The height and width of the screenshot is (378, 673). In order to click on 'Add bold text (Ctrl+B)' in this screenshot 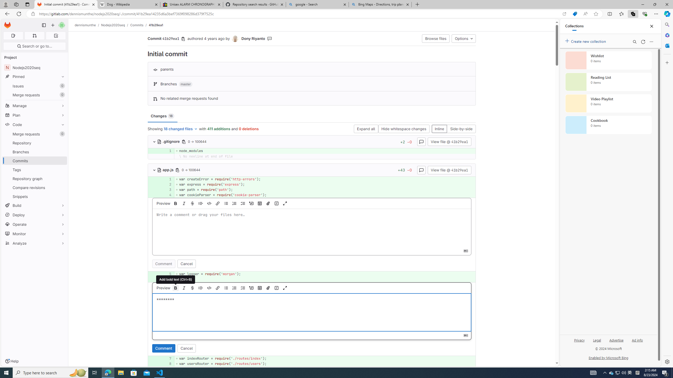, I will do `click(176, 287)`.